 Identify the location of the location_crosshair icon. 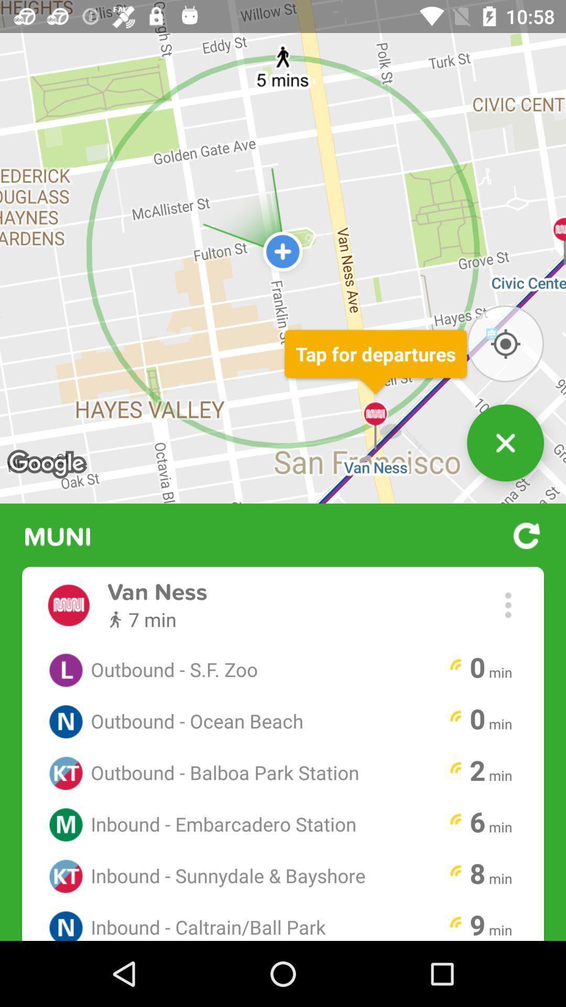
(505, 368).